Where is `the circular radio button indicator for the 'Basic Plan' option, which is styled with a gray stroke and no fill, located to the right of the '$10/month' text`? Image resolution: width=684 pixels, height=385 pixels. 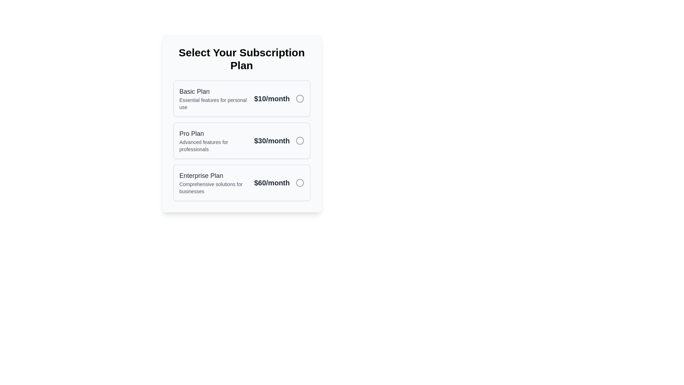
the circular radio button indicator for the 'Basic Plan' option, which is styled with a gray stroke and no fill, located to the right of the '$10/month' text is located at coordinates (300, 99).